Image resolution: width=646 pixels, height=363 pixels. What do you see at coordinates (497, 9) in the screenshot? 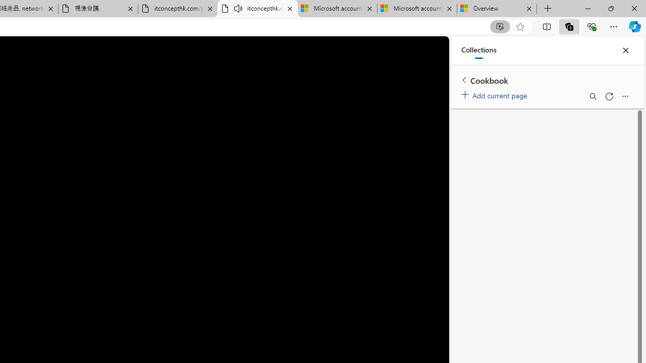
I see `'Overview'` at bounding box center [497, 9].